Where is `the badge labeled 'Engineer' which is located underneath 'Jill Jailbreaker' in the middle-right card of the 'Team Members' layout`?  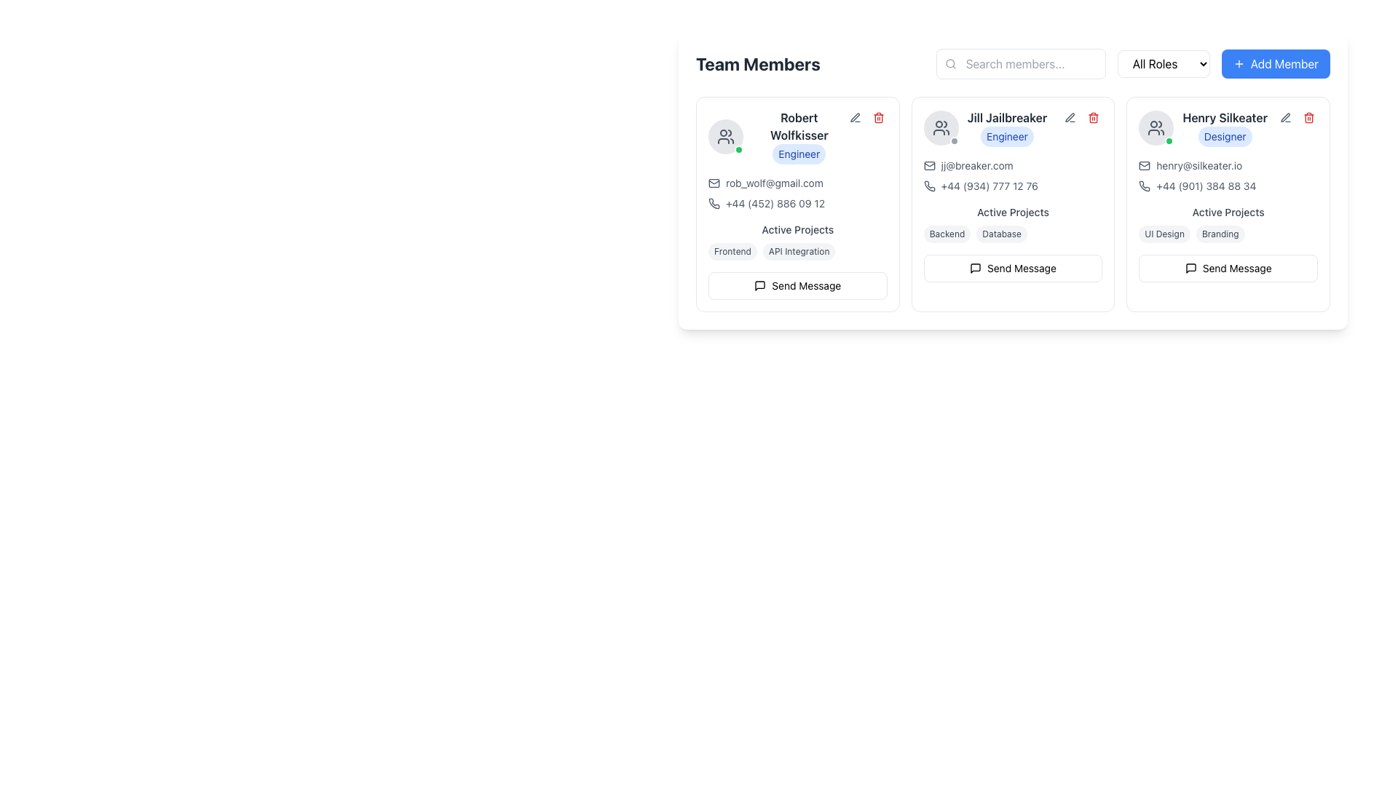 the badge labeled 'Engineer' which is located underneath 'Jill Jailbreaker' in the middle-right card of the 'Team Members' layout is located at coordinates (1006, 137).